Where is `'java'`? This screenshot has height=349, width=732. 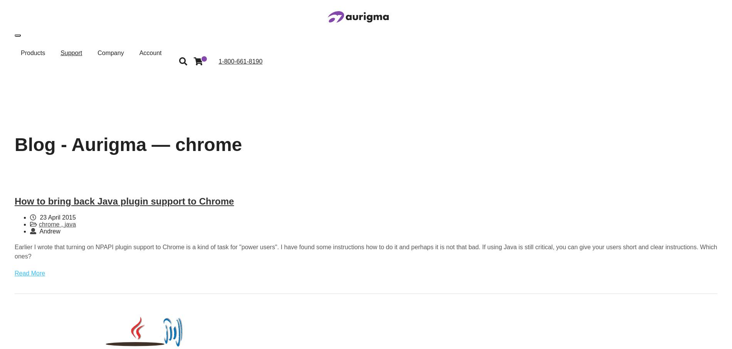 'java' is located at coordinates (64, 224).